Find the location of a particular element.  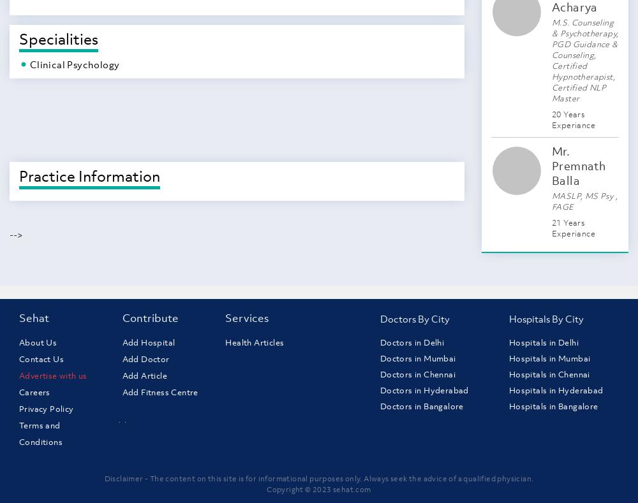

'Doctors in Bangalore' is located at coordinates (421, 405).